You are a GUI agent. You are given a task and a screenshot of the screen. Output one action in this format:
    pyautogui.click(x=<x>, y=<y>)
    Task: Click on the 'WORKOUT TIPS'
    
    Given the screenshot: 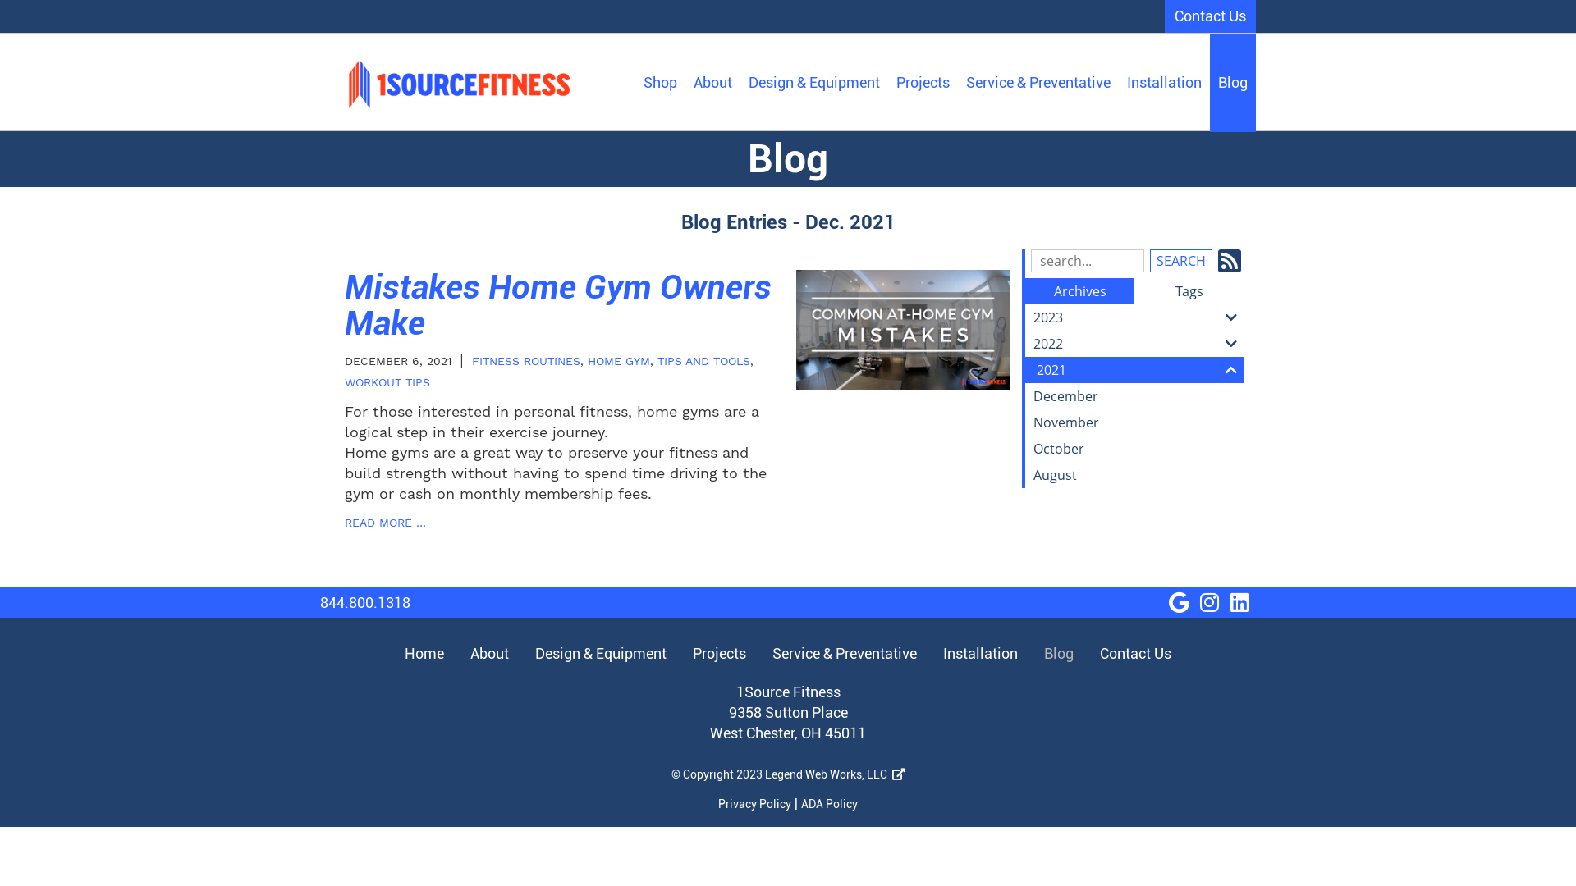 What is the action you would take?
    pyautogui.click(x=386, y=382)
    